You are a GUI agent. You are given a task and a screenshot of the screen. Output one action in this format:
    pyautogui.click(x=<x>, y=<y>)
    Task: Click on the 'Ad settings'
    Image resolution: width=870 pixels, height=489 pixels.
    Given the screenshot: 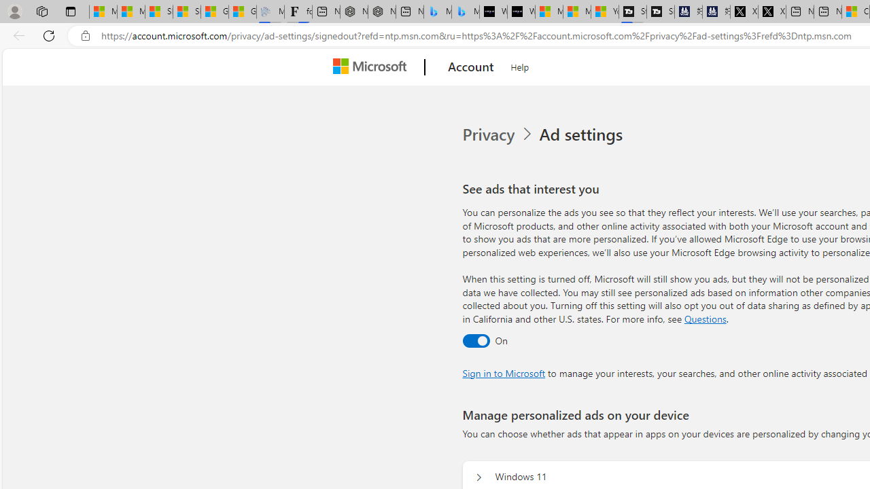 What is the action you would take?
    pyautogui.click(x=583, y=134)
    